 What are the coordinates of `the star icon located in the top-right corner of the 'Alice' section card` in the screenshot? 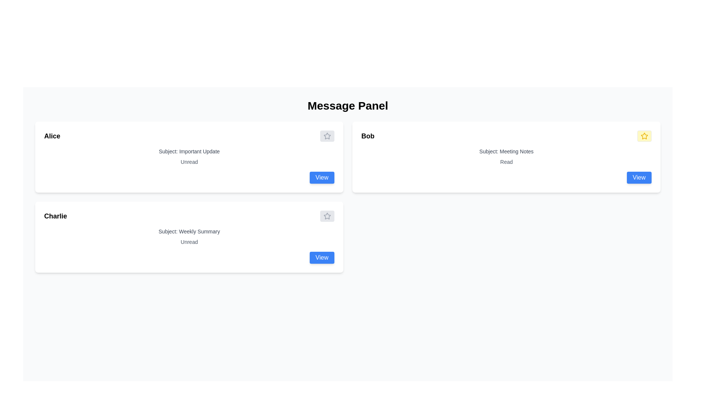 It's located at (327, 136).